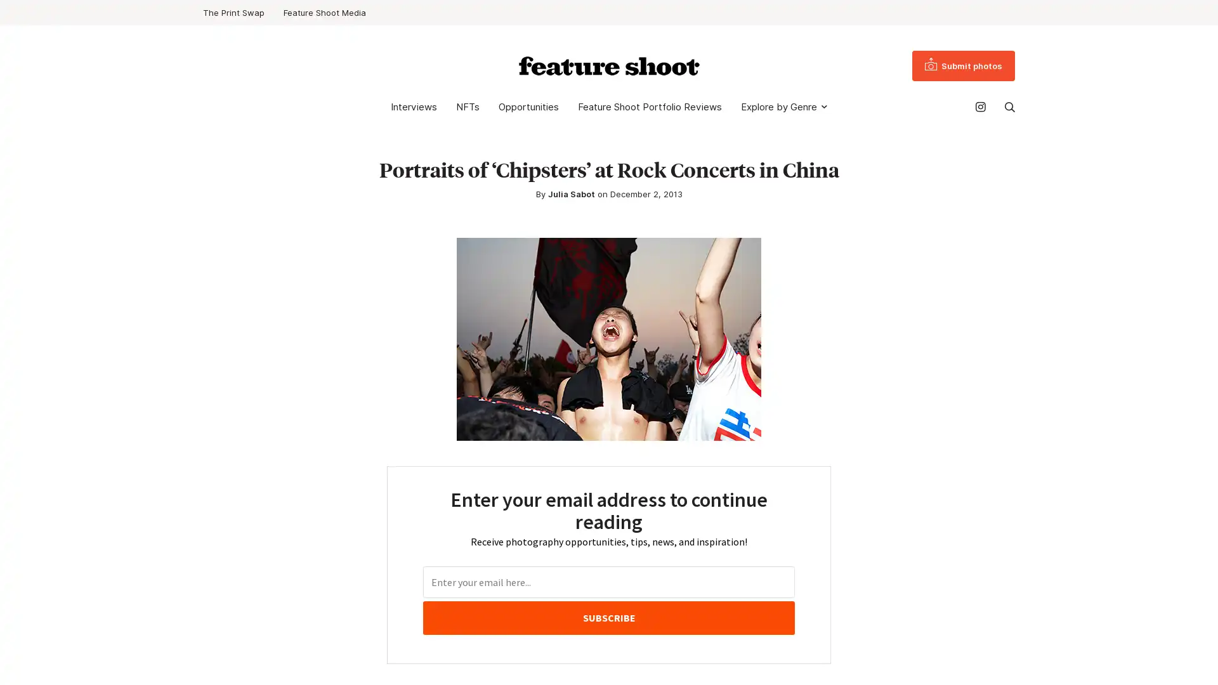  Describe the element at coordinates (1009, 107) in the screenshot. I see `Search` at that location.